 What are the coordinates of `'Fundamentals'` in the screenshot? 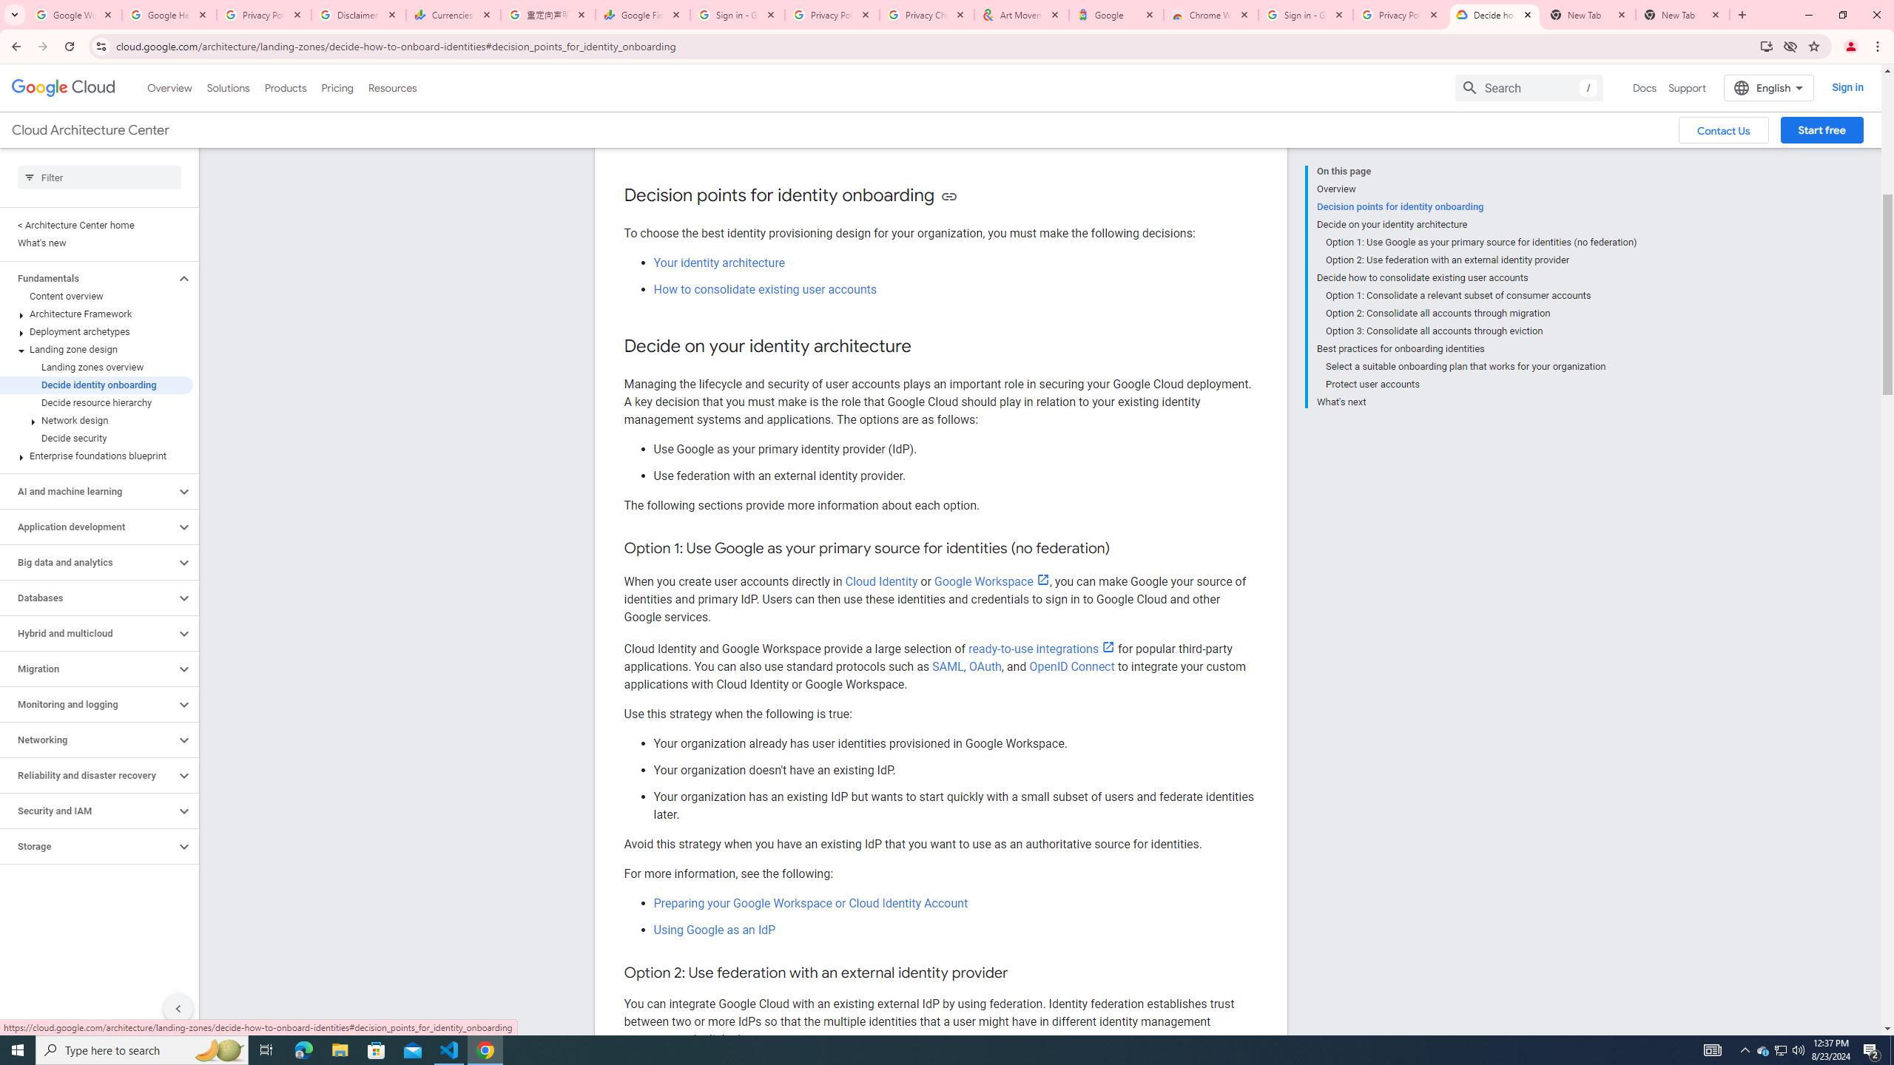 It's located at (87, 277).